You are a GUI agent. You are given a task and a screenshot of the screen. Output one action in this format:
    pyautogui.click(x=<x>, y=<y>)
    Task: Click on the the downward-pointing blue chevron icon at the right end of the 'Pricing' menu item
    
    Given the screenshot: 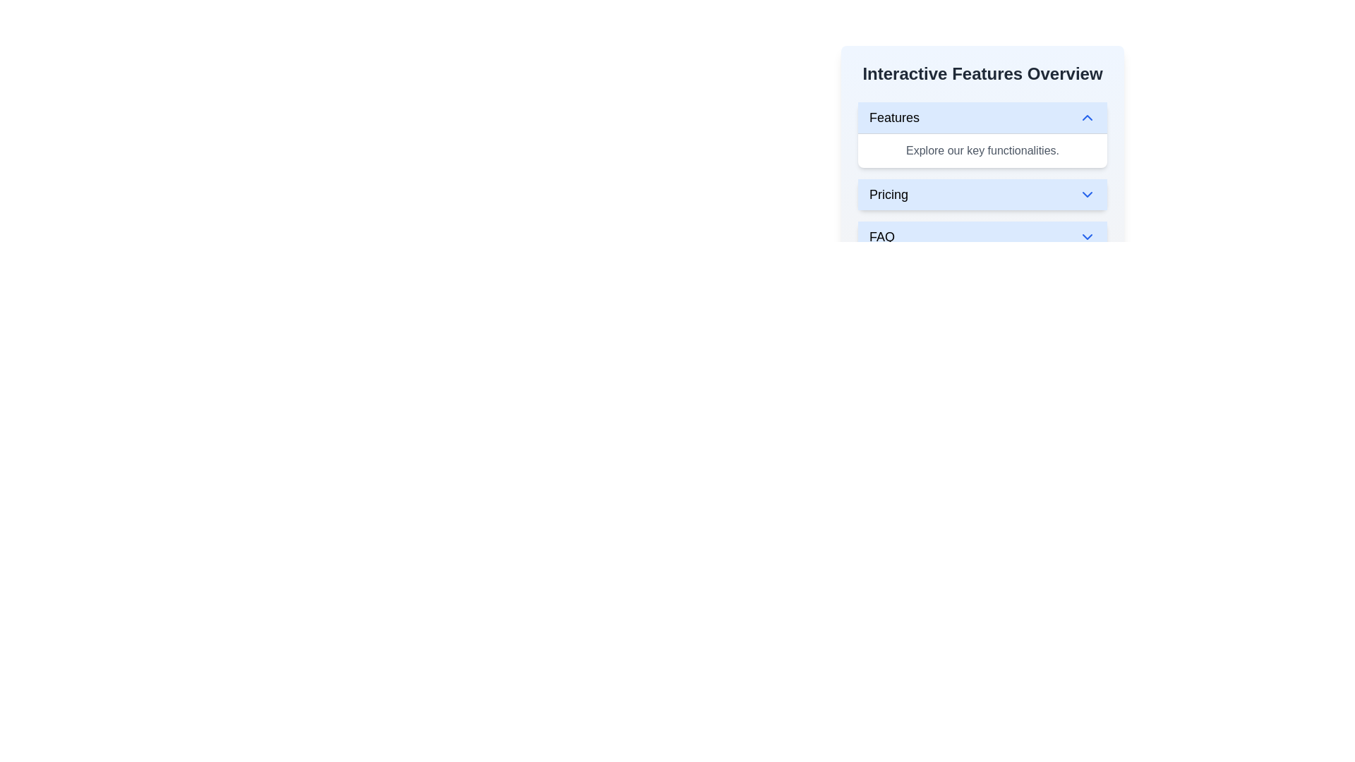 What is the action you would take?
    pyautogui.click(x=1086, y=195)
    